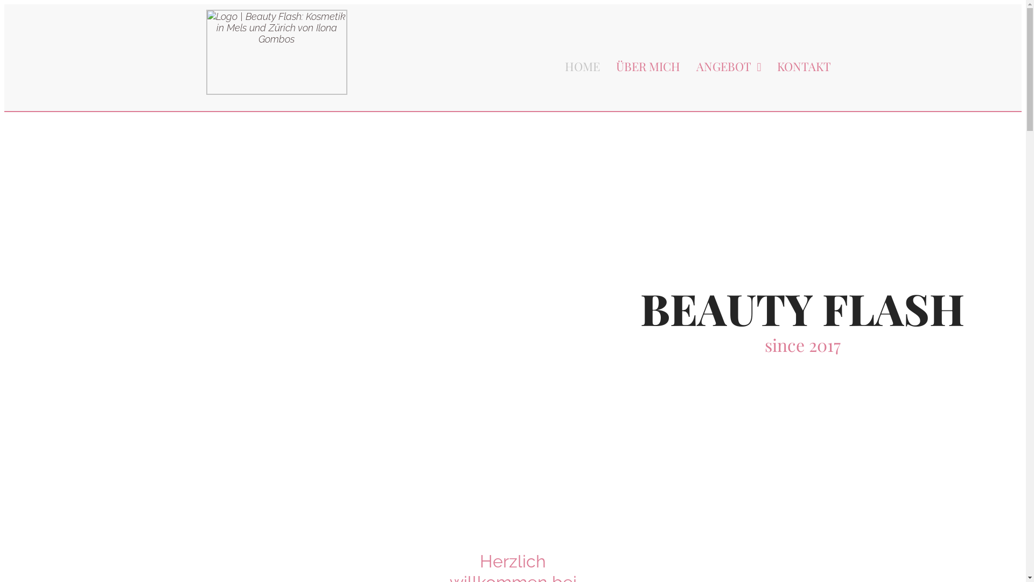  Describe the element at coordinates (574, 66) in the screenshot. I see `'HOME'` at that location.